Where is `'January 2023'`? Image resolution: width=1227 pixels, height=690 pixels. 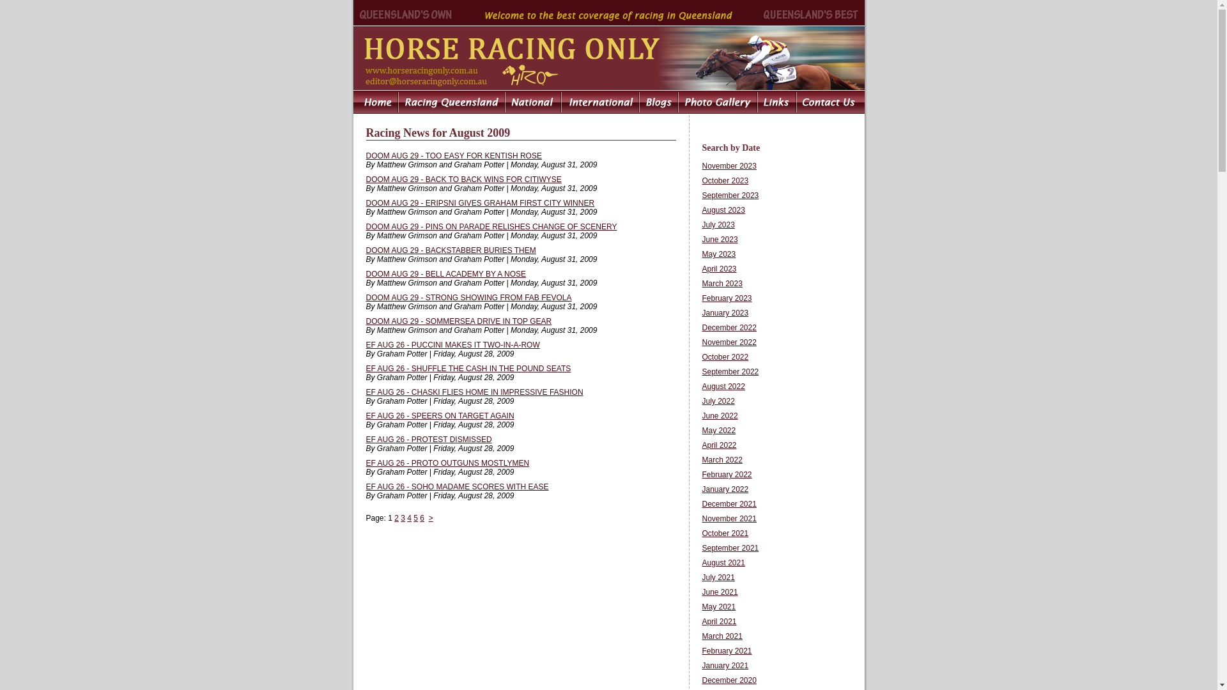 'January 2023' is located at coordinates (725, 312).